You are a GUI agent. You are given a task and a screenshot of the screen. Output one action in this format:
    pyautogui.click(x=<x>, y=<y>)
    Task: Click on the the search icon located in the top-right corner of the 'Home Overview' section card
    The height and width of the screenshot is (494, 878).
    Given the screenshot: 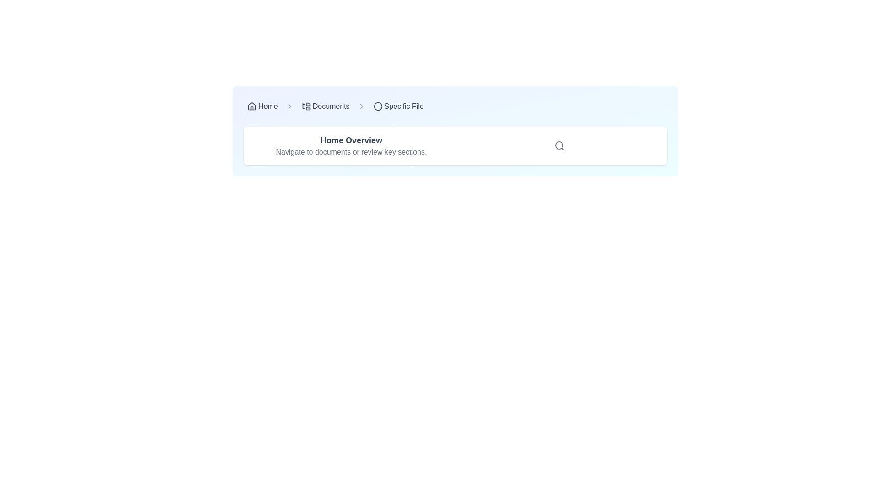 What is the action you would take?
    pyautogui.click(x=559, y=145)
    